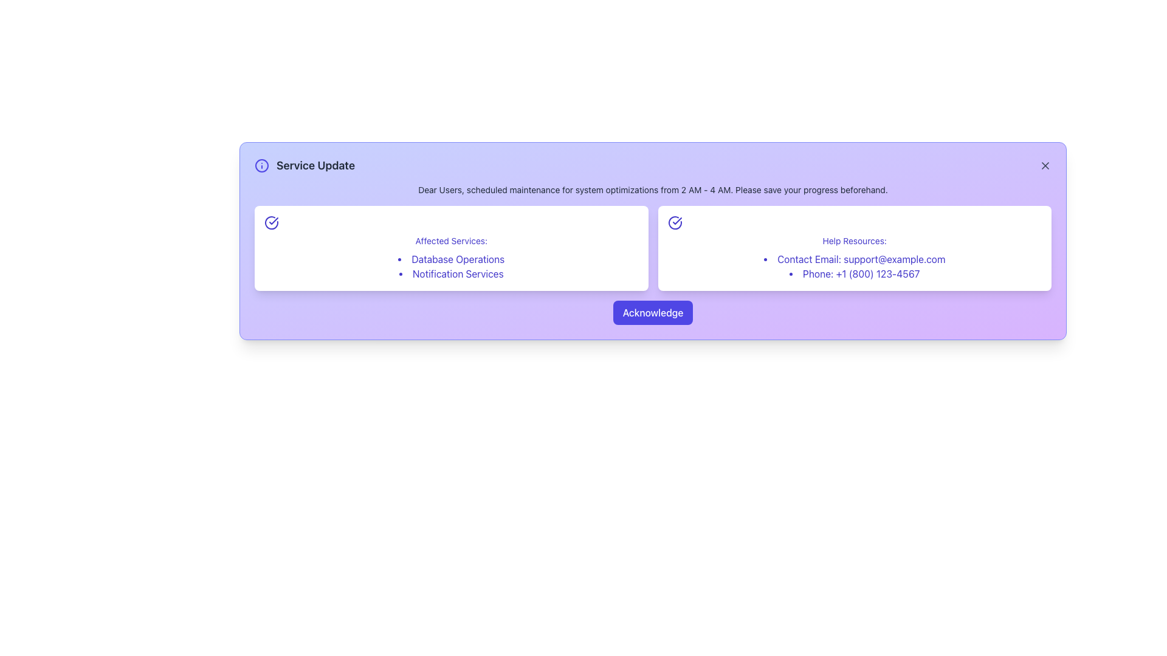 This screenshot has width=1167, height=656. Describe the element at coordinates (315, 166) in the screenshot. I see `the bold black text stating 'Service Update' located in the header section of the notification card with a light purple background` at that location.